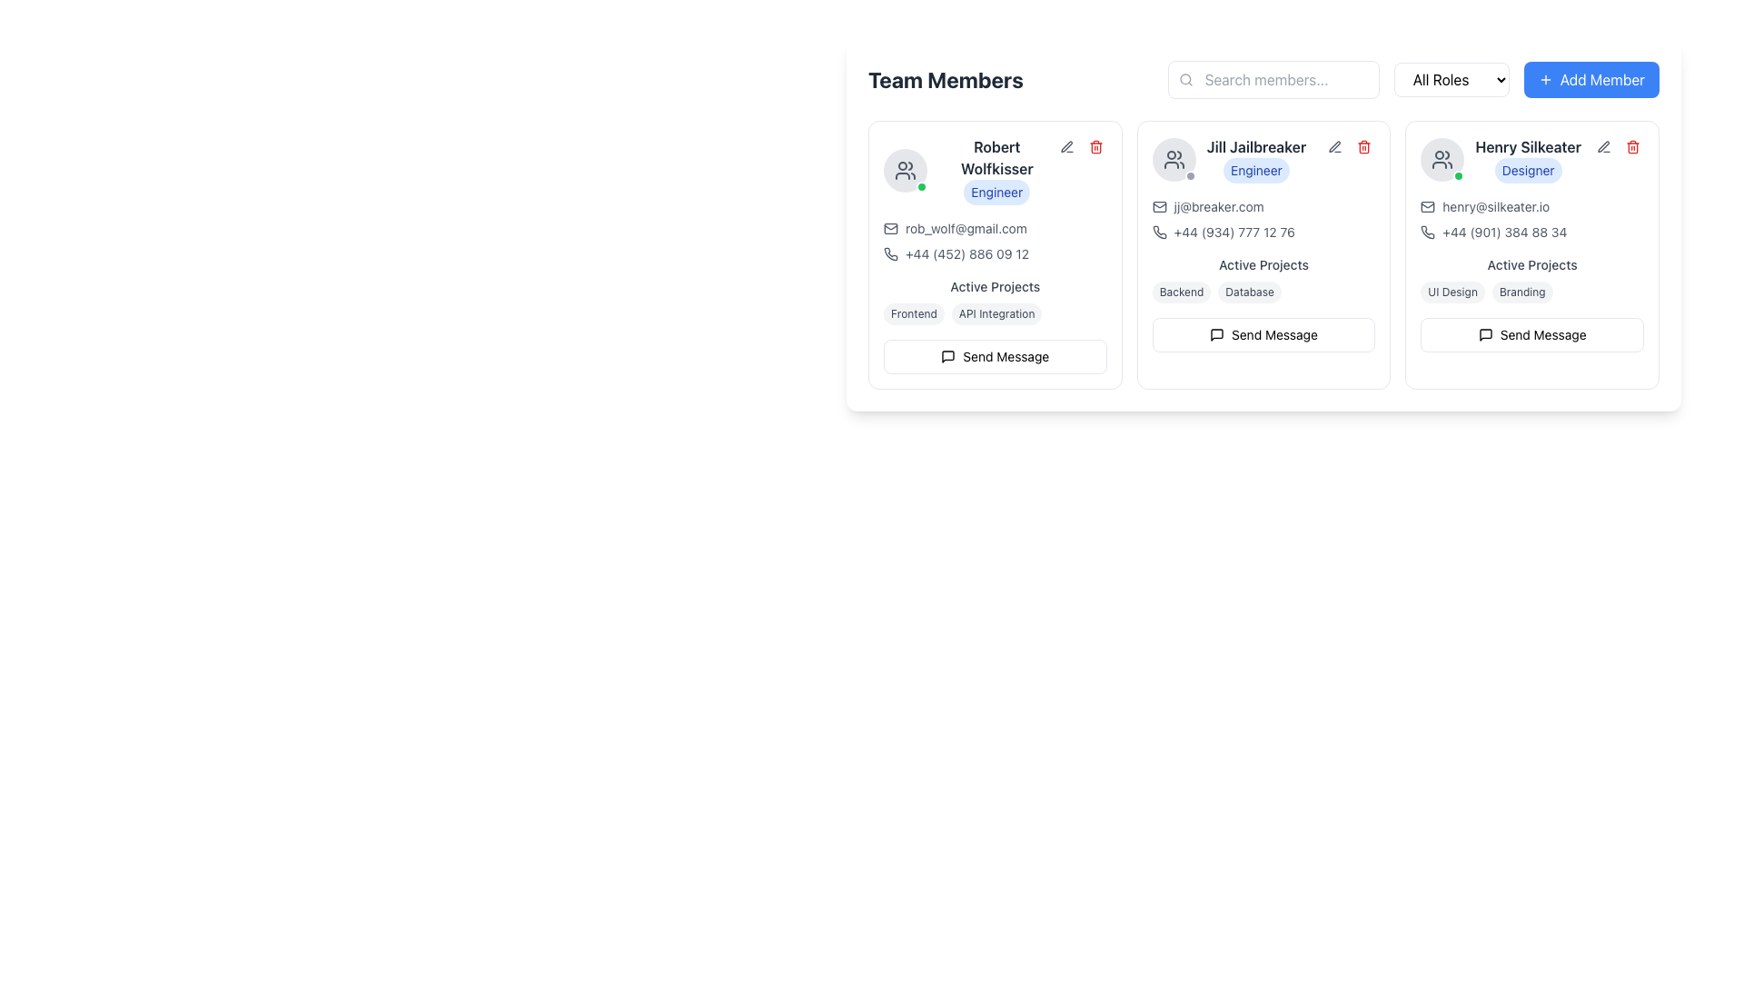 The height and width of the screenshot is (981, 1744). I want to click on the static text displaying the phone number '+44 (452) 886 09 12' with an icon, positioned in the leftmost profile card under 'Team Members', so click(994, 254).